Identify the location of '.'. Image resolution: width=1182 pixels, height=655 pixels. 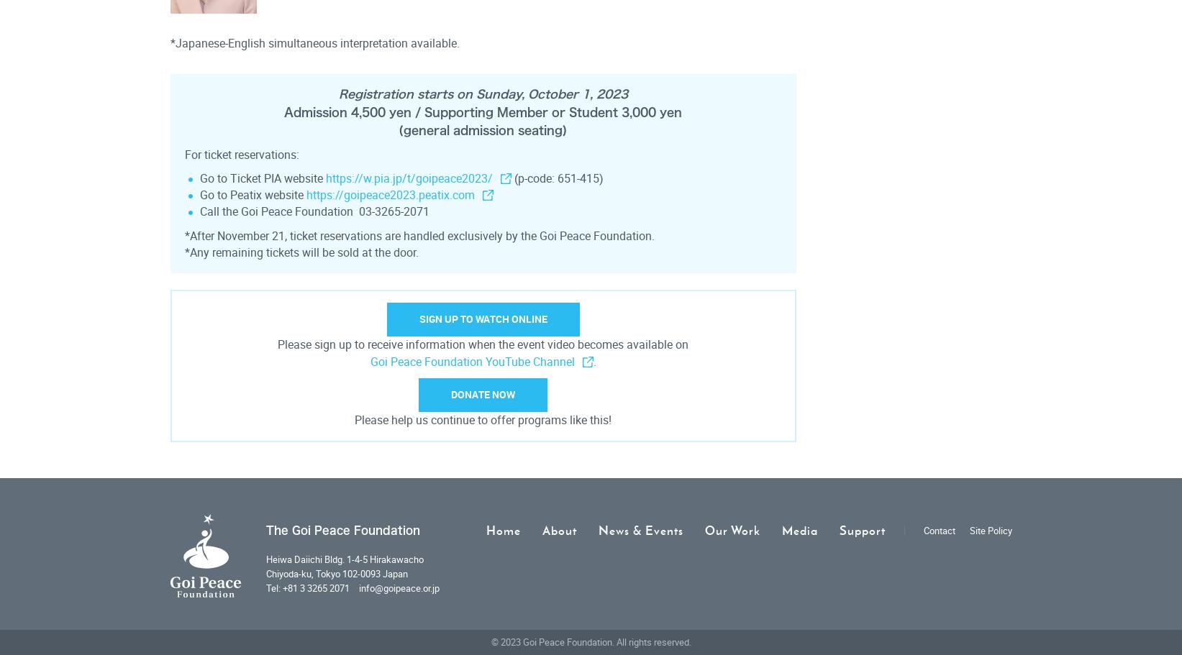
(593, 361).